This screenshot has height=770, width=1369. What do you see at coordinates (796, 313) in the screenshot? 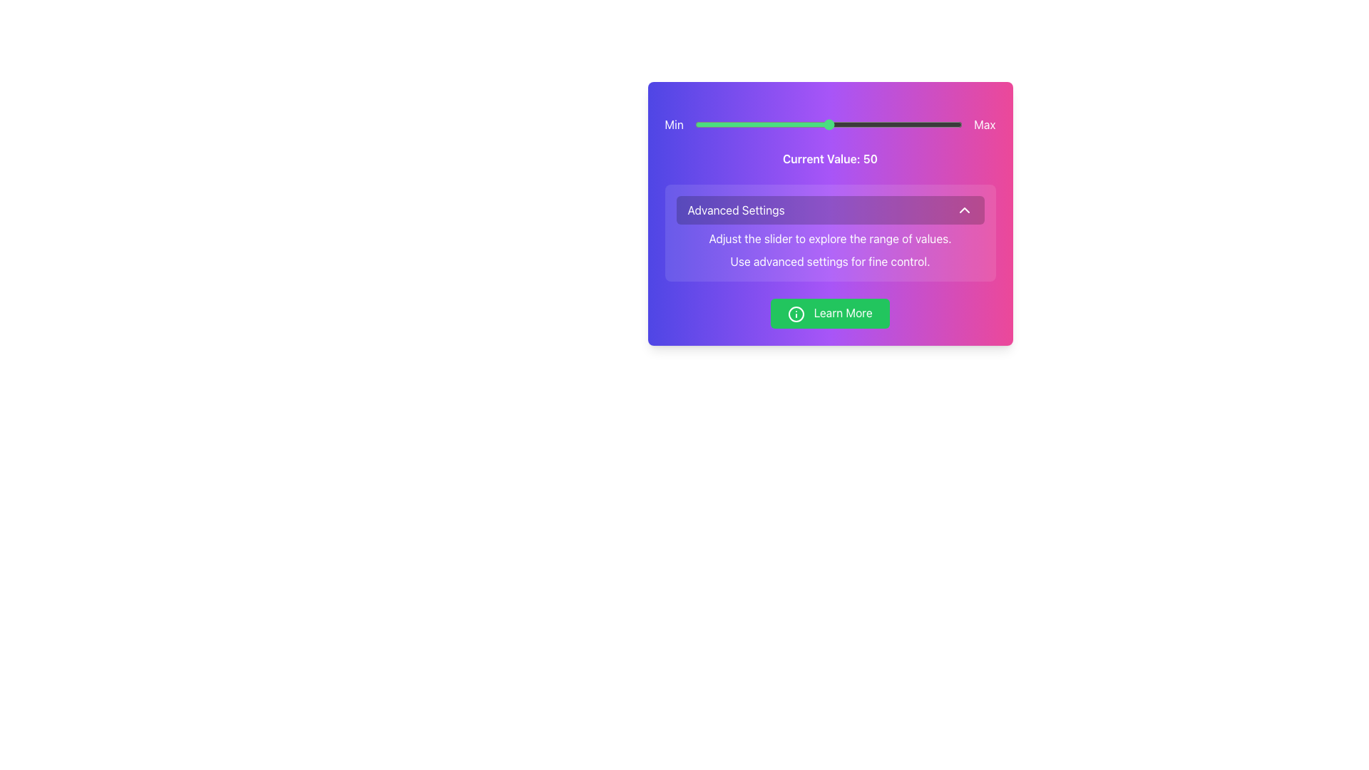
I see `the icon located within the green 'Learn More' button at the bottom-center of the panel` at bounding box center [796, 313].